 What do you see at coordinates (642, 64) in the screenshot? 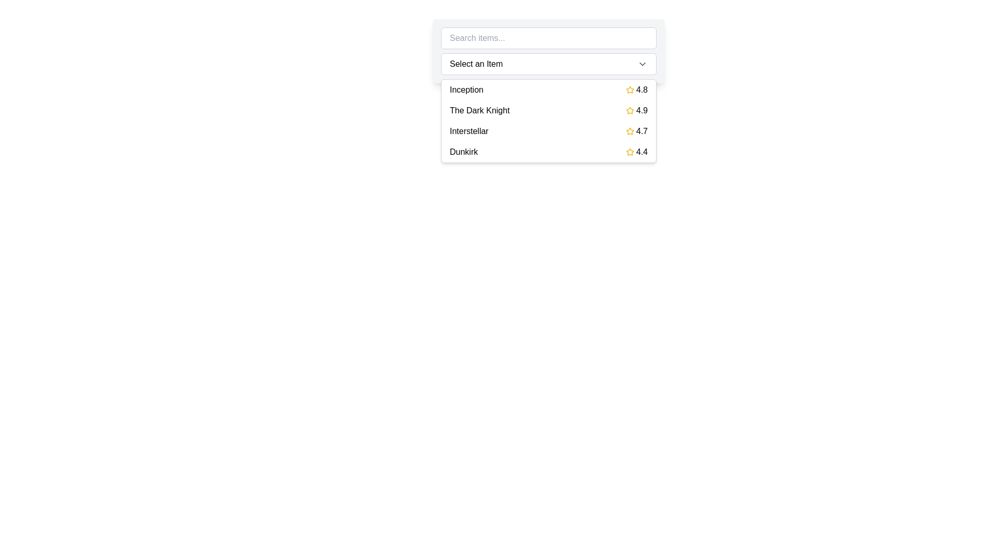
I see `the dropdown menu icon located on the right side of the 'Select an Item' component to expand or collapse the options` at bounding box center [642, 64].